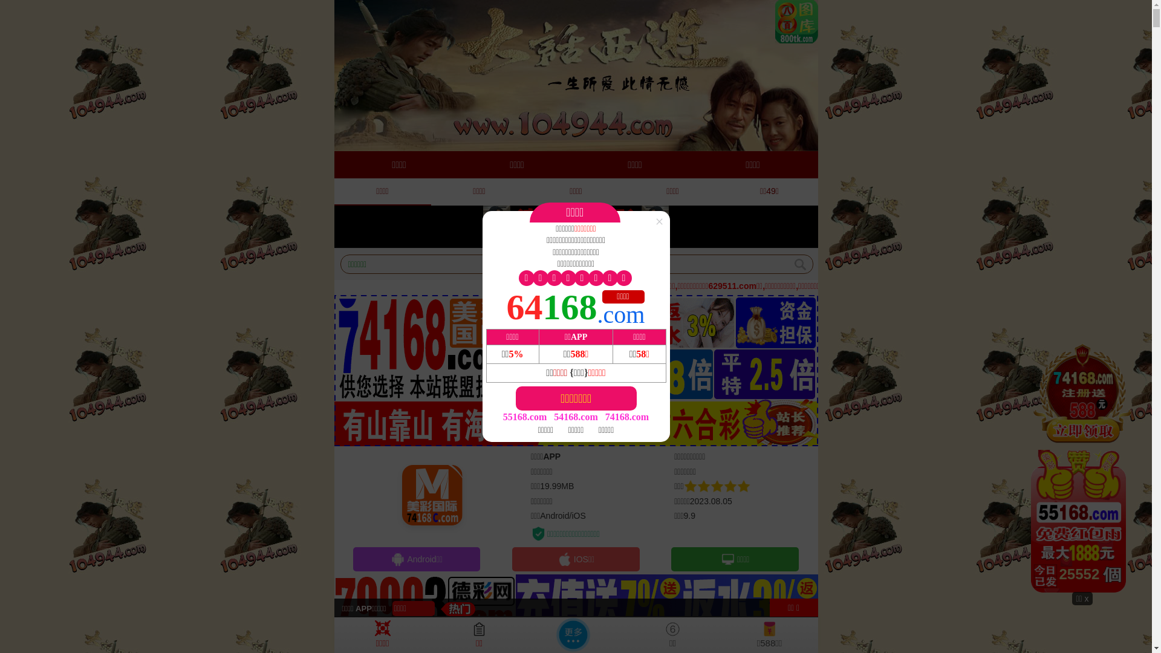 This screenshot has width=1161, height=653. I want to click on '24855', so click(1082, 466).